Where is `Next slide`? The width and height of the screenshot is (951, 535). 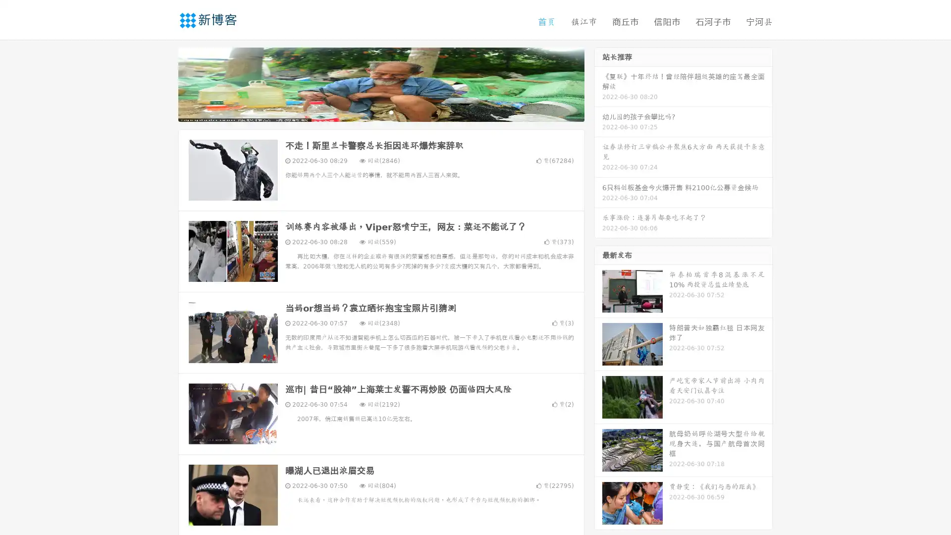 Next slide is located at coordinates (598, 83).